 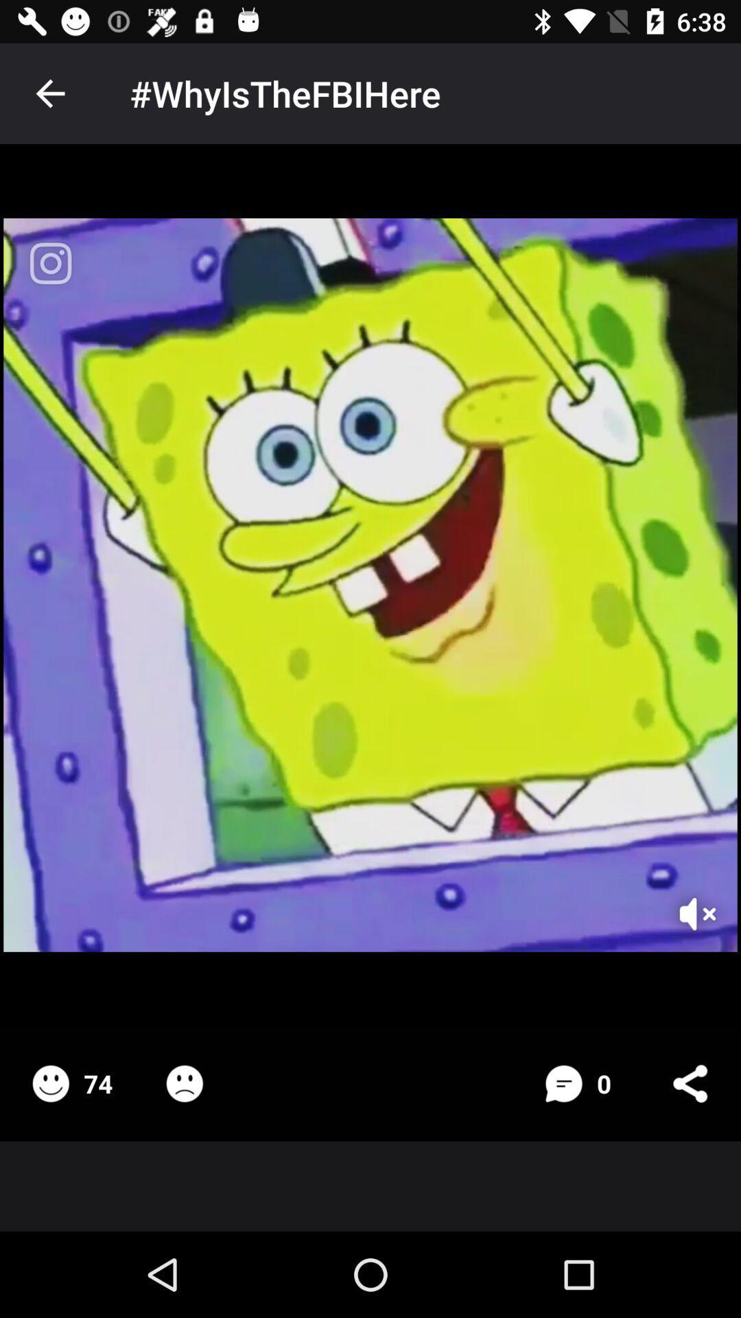 What do you see at coordinates (49, 263) in the screenshot?
I see `the photo icon` at bounding box center [49, 263].